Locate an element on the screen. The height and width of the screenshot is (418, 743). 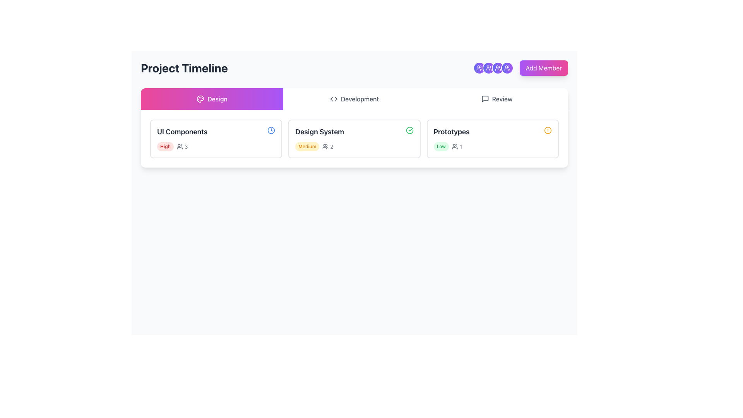
the icon representing the review or comments section, which is part of the 'Review' button in the top right section of the interface is located at coordinates (484, 98).